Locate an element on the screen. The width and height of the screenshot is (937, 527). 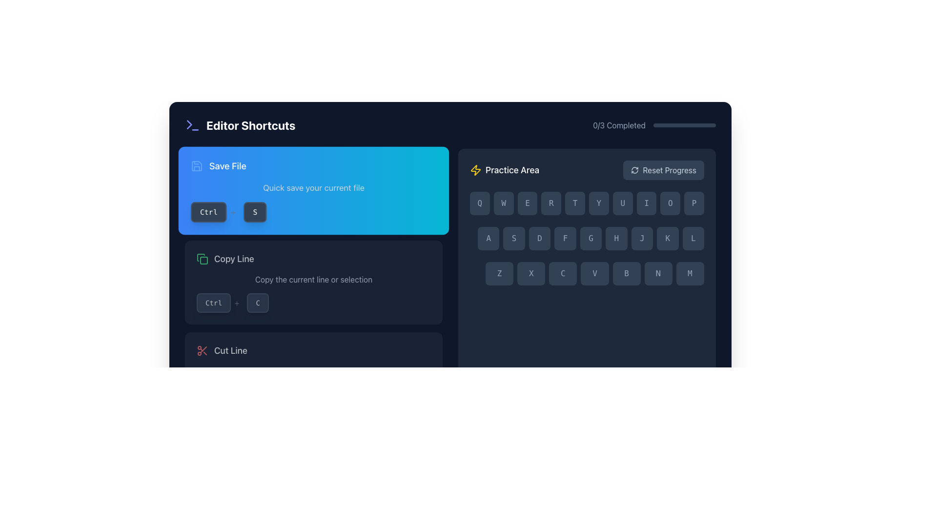
the style and content of the button-like label that has the text 'Ctrl', a dark slate-gray background, and is located in the 'Save File' shortcut section is located at coordinates (213, 394).